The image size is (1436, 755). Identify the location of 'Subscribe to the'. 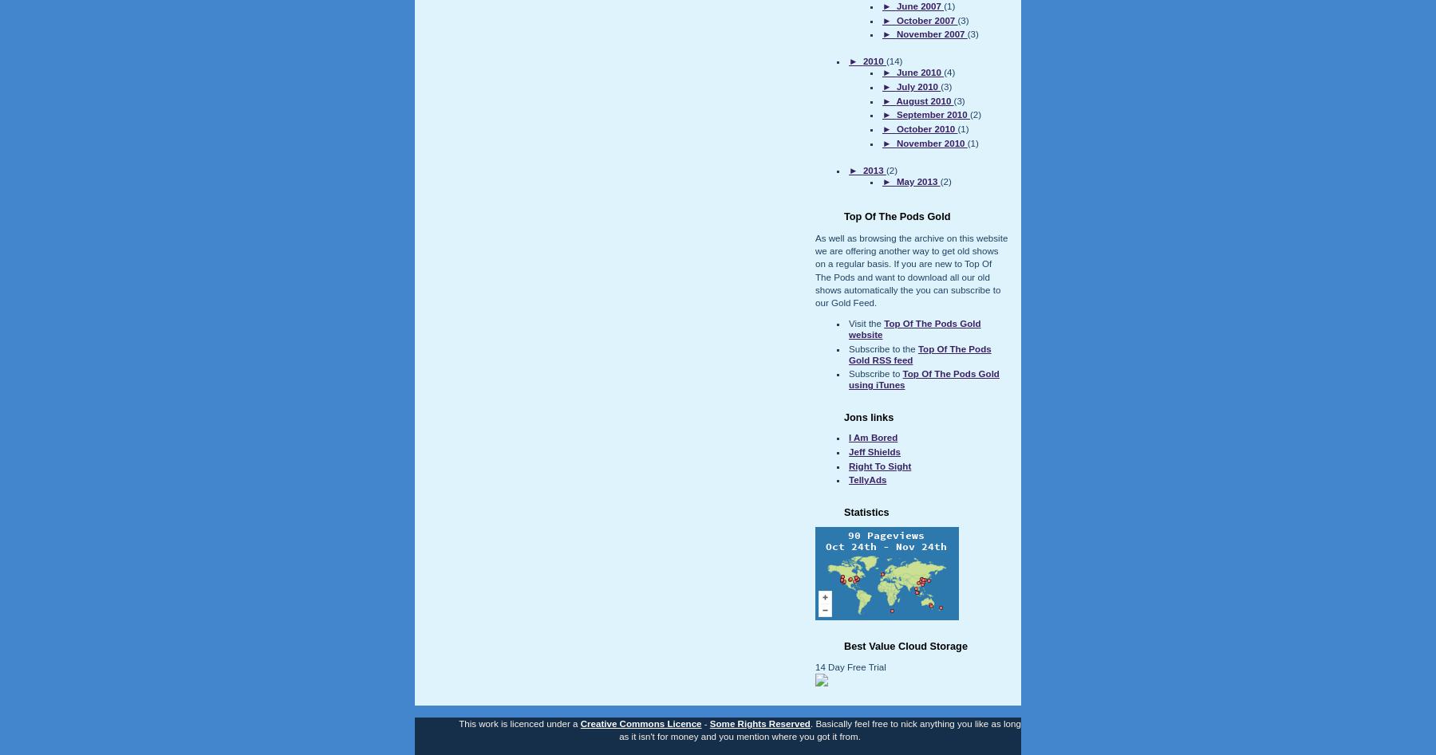
(848, 348).